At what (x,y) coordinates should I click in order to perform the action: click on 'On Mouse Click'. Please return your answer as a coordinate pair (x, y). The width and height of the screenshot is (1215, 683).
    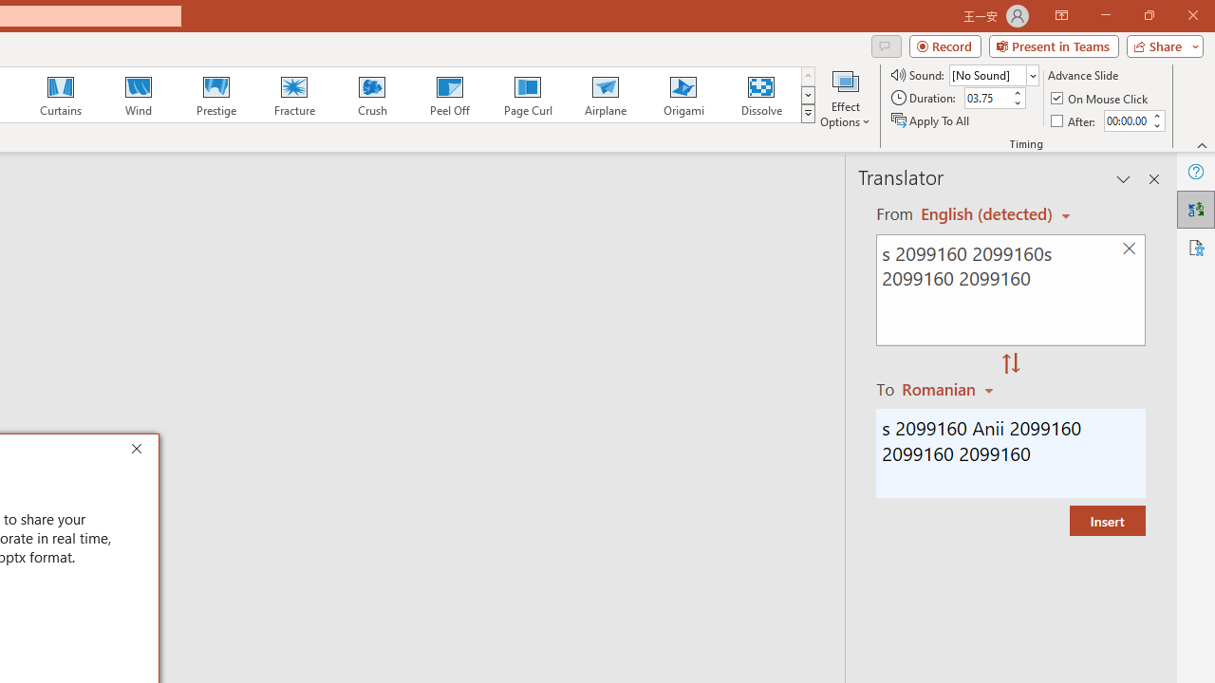
    Looking at the image, I should click on (1100, 98).